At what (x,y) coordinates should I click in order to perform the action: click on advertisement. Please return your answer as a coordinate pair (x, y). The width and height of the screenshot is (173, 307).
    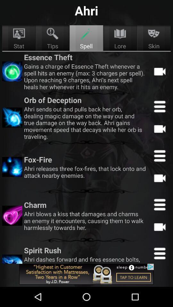
    Looking at the image, I should click on (86, 274).